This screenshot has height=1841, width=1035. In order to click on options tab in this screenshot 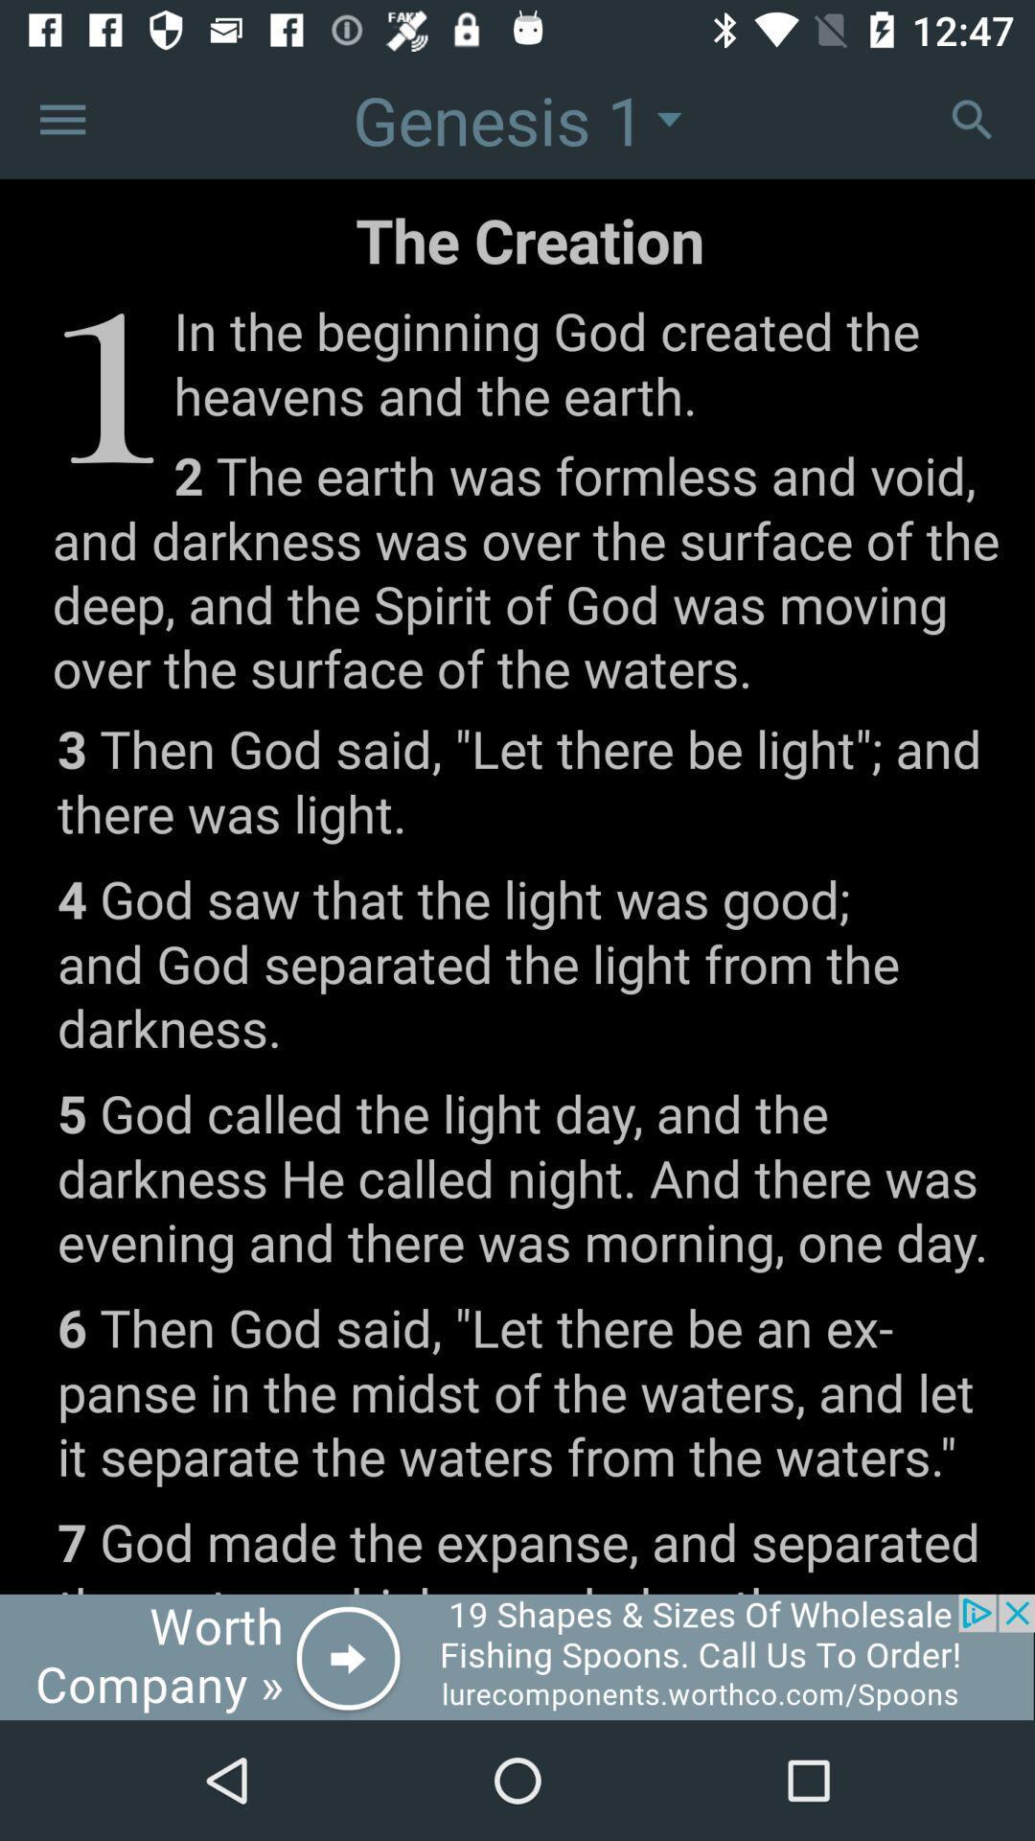, I will do `click(61, 118)`.